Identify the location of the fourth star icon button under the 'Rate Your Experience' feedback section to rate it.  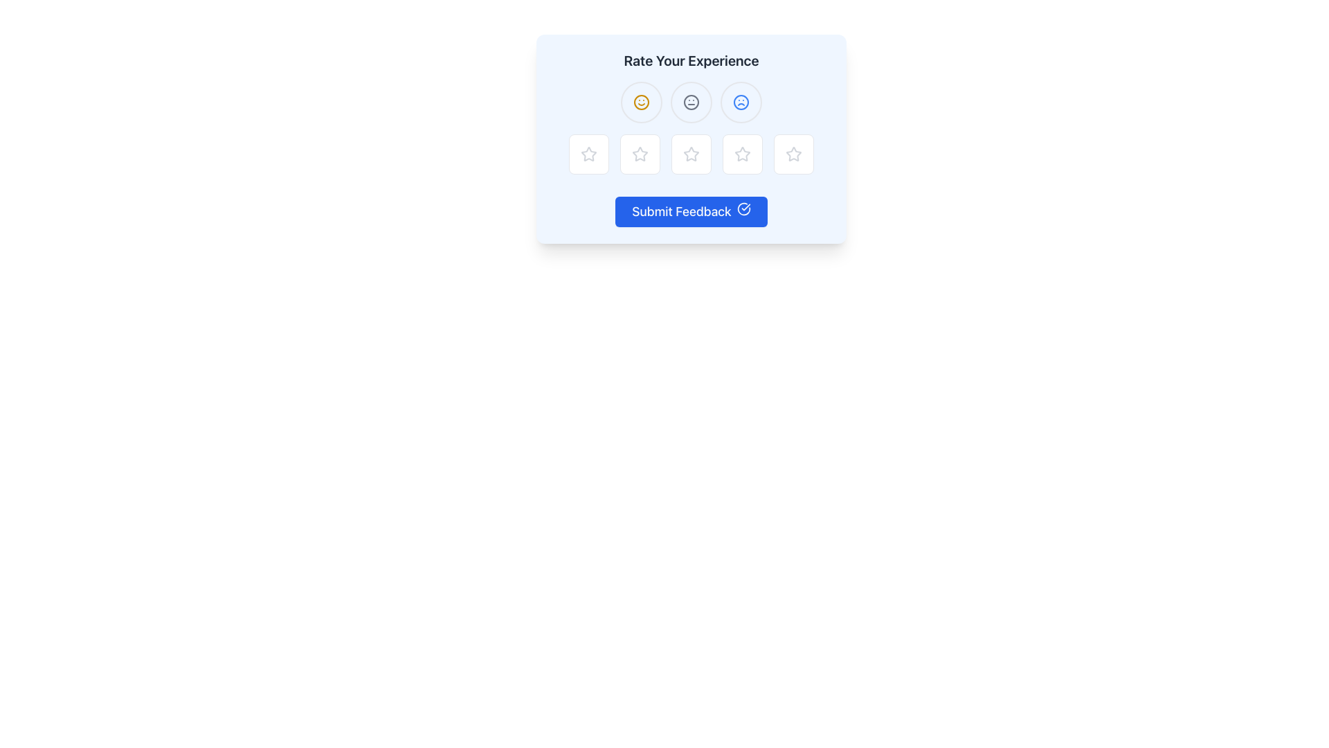
(742, 154).